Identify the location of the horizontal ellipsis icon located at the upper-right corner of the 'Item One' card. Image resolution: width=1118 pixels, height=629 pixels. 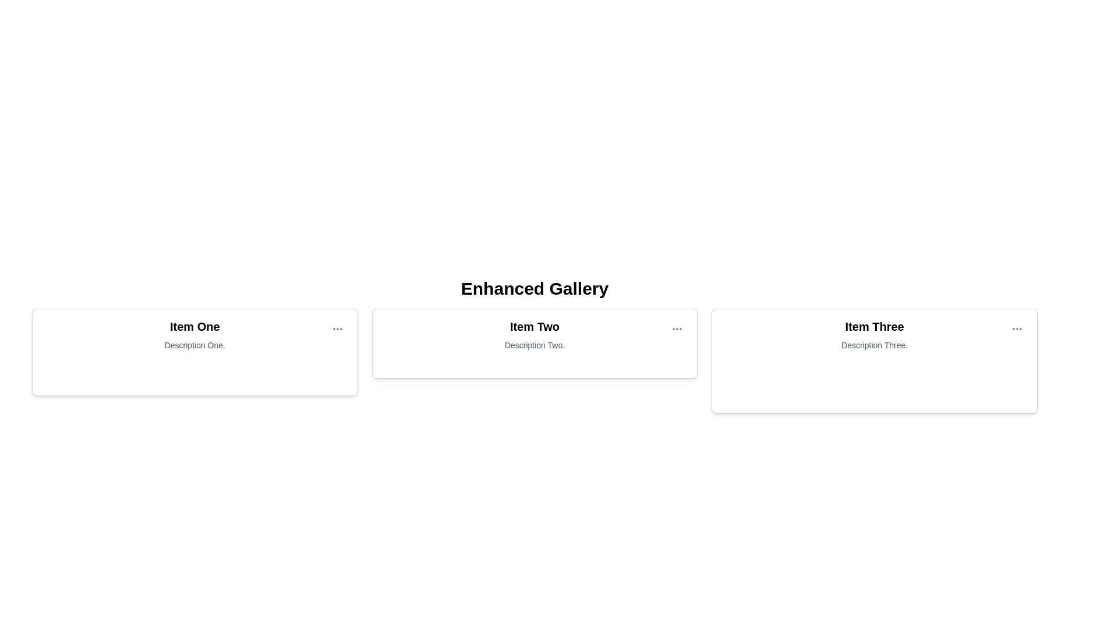
(337, 328).